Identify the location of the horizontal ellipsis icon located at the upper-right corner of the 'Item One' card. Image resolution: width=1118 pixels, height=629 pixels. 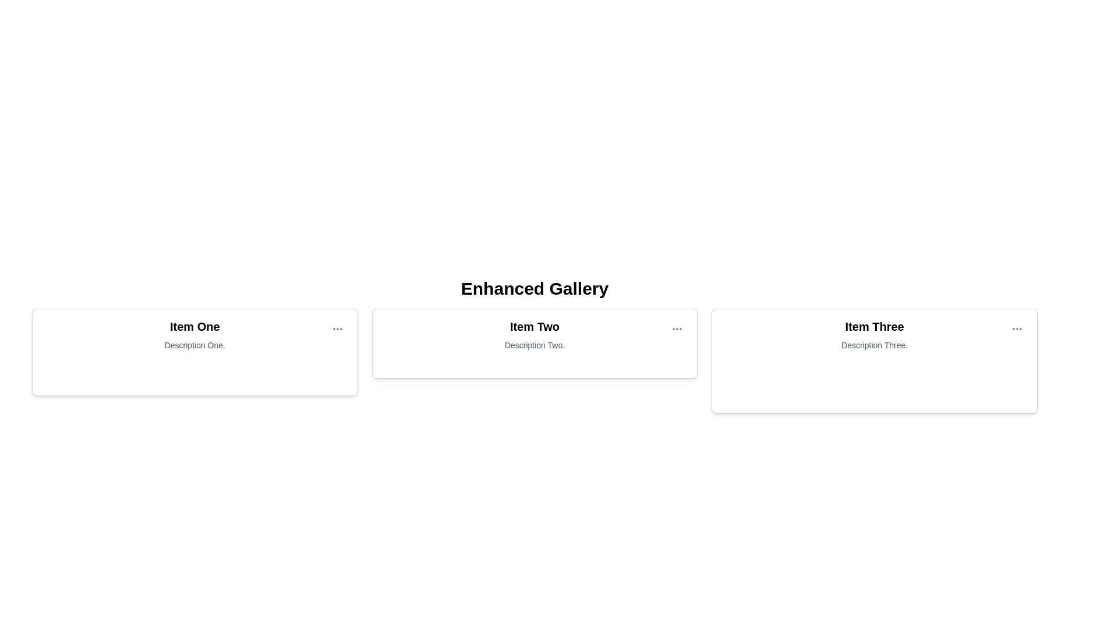
(337, 328).